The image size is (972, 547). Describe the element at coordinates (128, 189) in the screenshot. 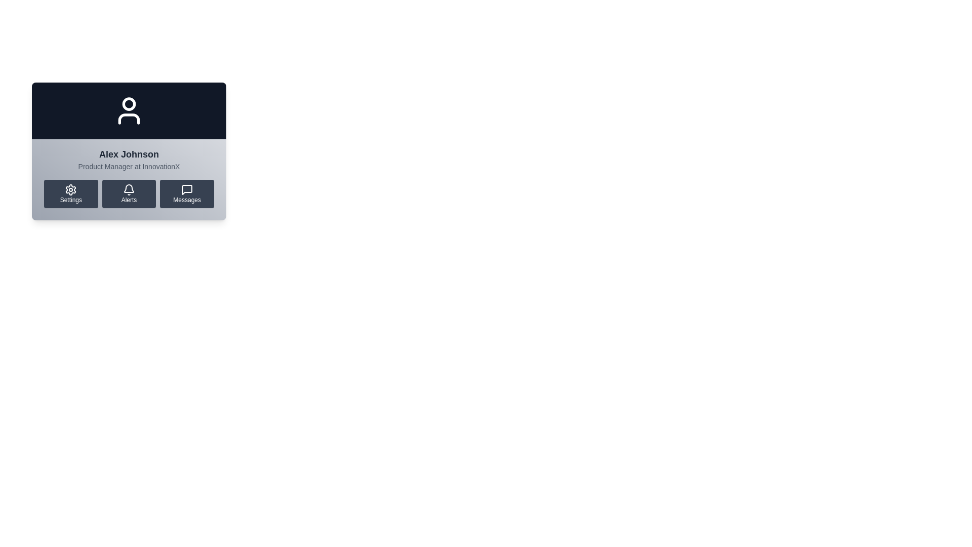

I see `the bell-shaped notification icon labeled 'Alerts' located in the bottom row between the gear icon and the speech bubble` at that location.